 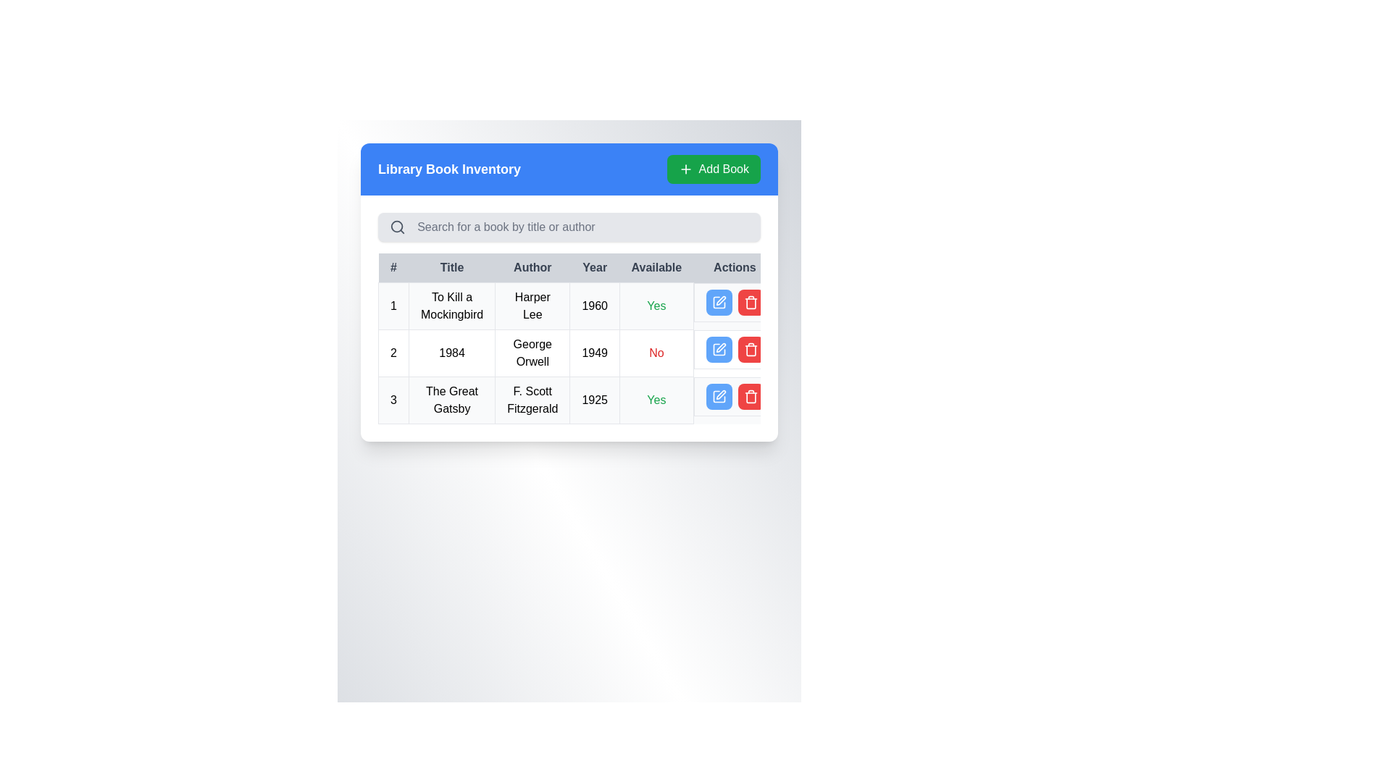 I want to click on text label containing 'Yes' displayed in green color located in the fifth column of the third row under the 'Available' header in a structured data table, so click(x=656, y=400).